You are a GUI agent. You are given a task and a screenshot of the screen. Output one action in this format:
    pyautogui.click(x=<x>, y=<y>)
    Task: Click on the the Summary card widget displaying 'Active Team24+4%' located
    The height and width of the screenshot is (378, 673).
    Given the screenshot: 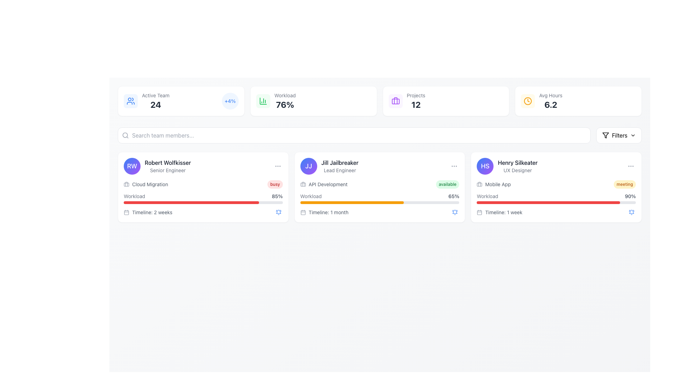 What is the action you would take?
    pyautogui.click(x=181, y=101)
    